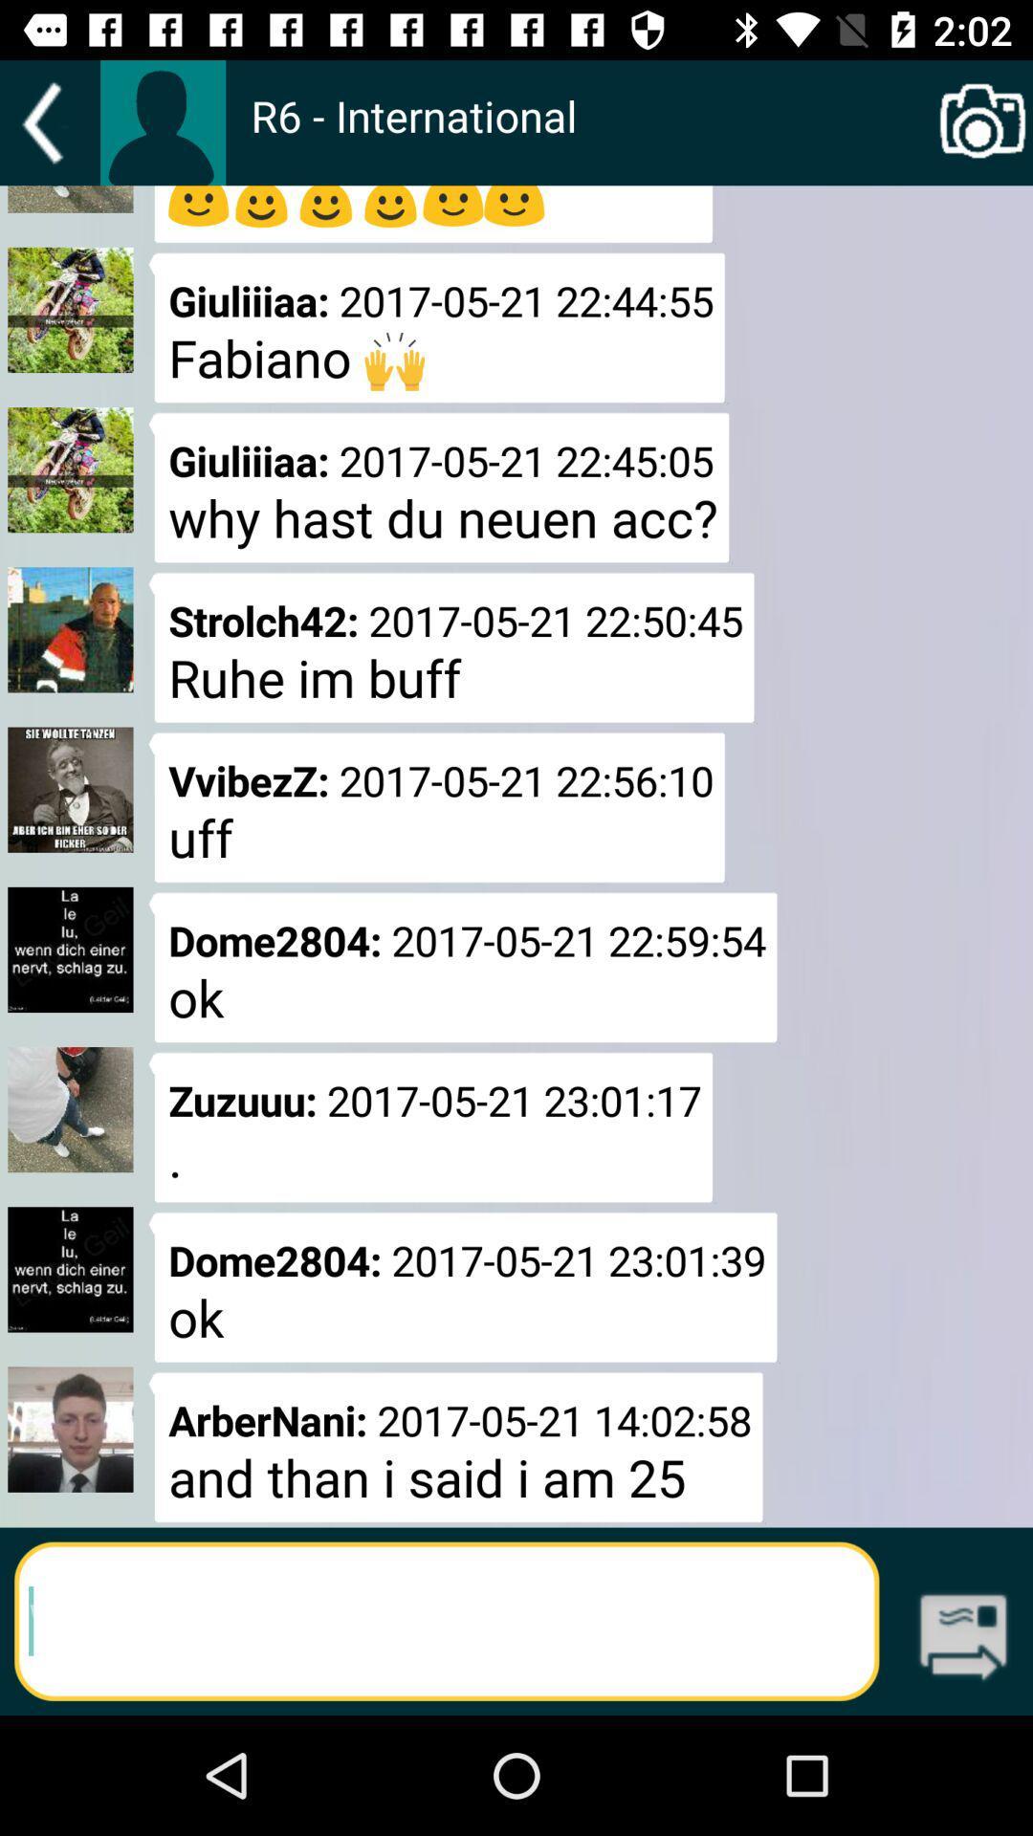 This screenshot has height=1836, width=1033. What do you see at coordinates (162, 121) in the screenshot?
I see `the avatar icon` at bounding box center [162, 121].